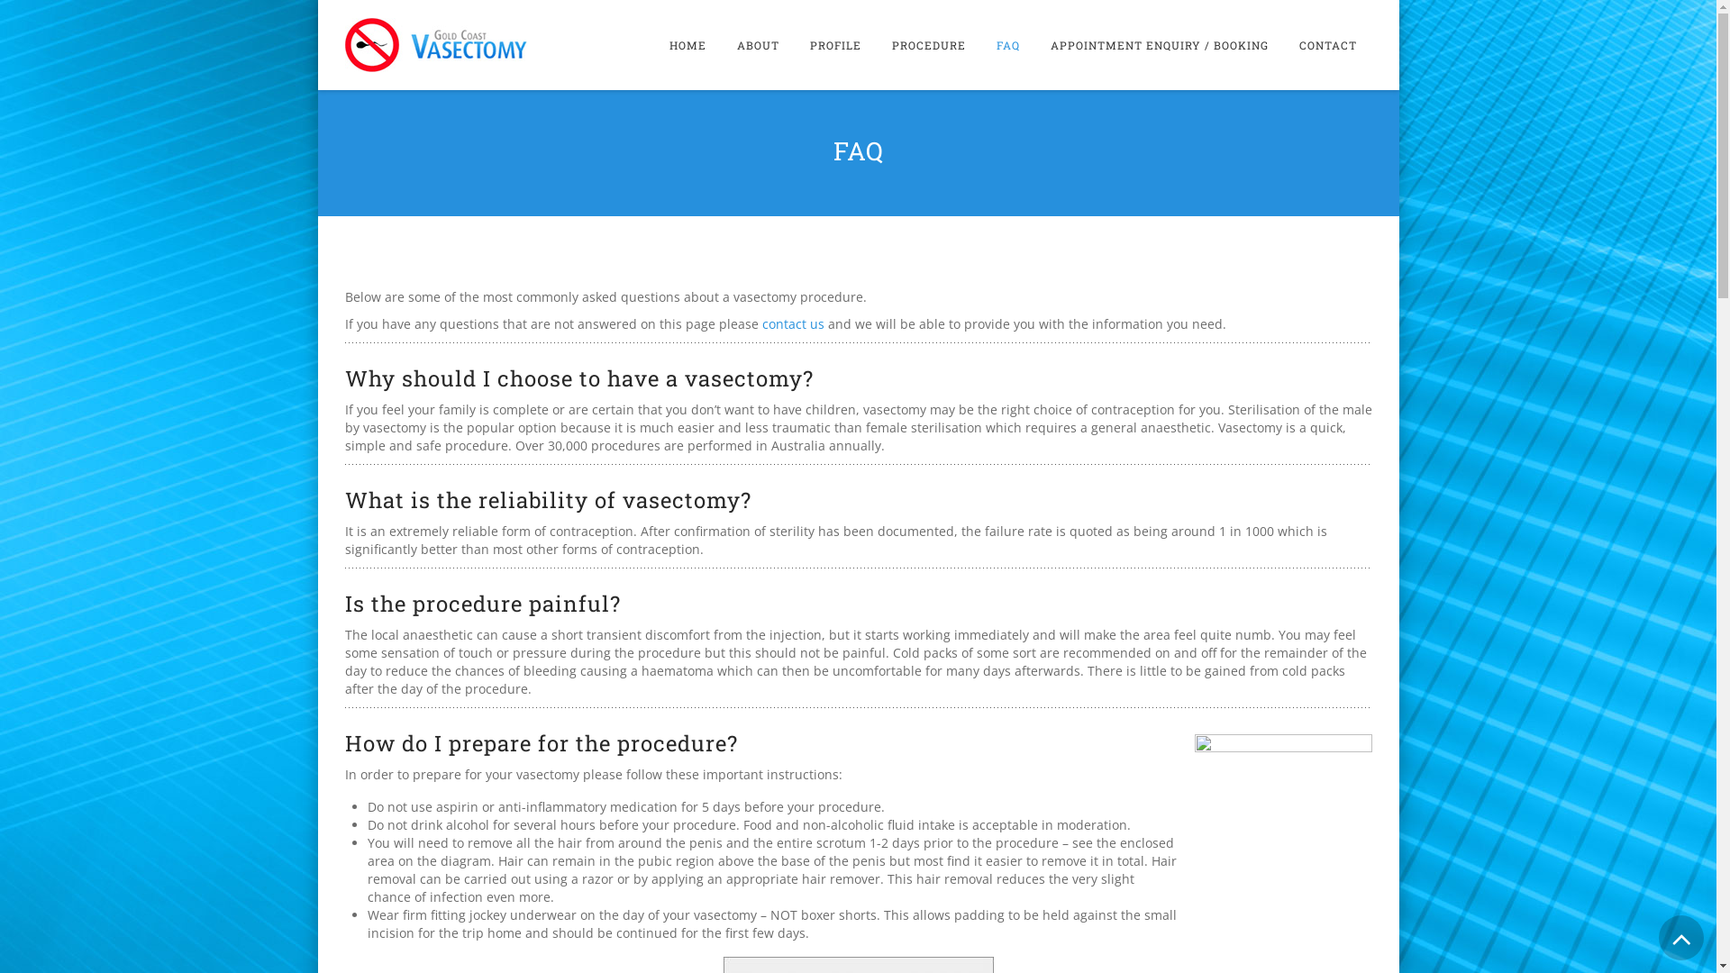  What do you see at coordinates (757, 44) in the screenshot?
I see `'ABOUT'` at bounding box center [757, 44].